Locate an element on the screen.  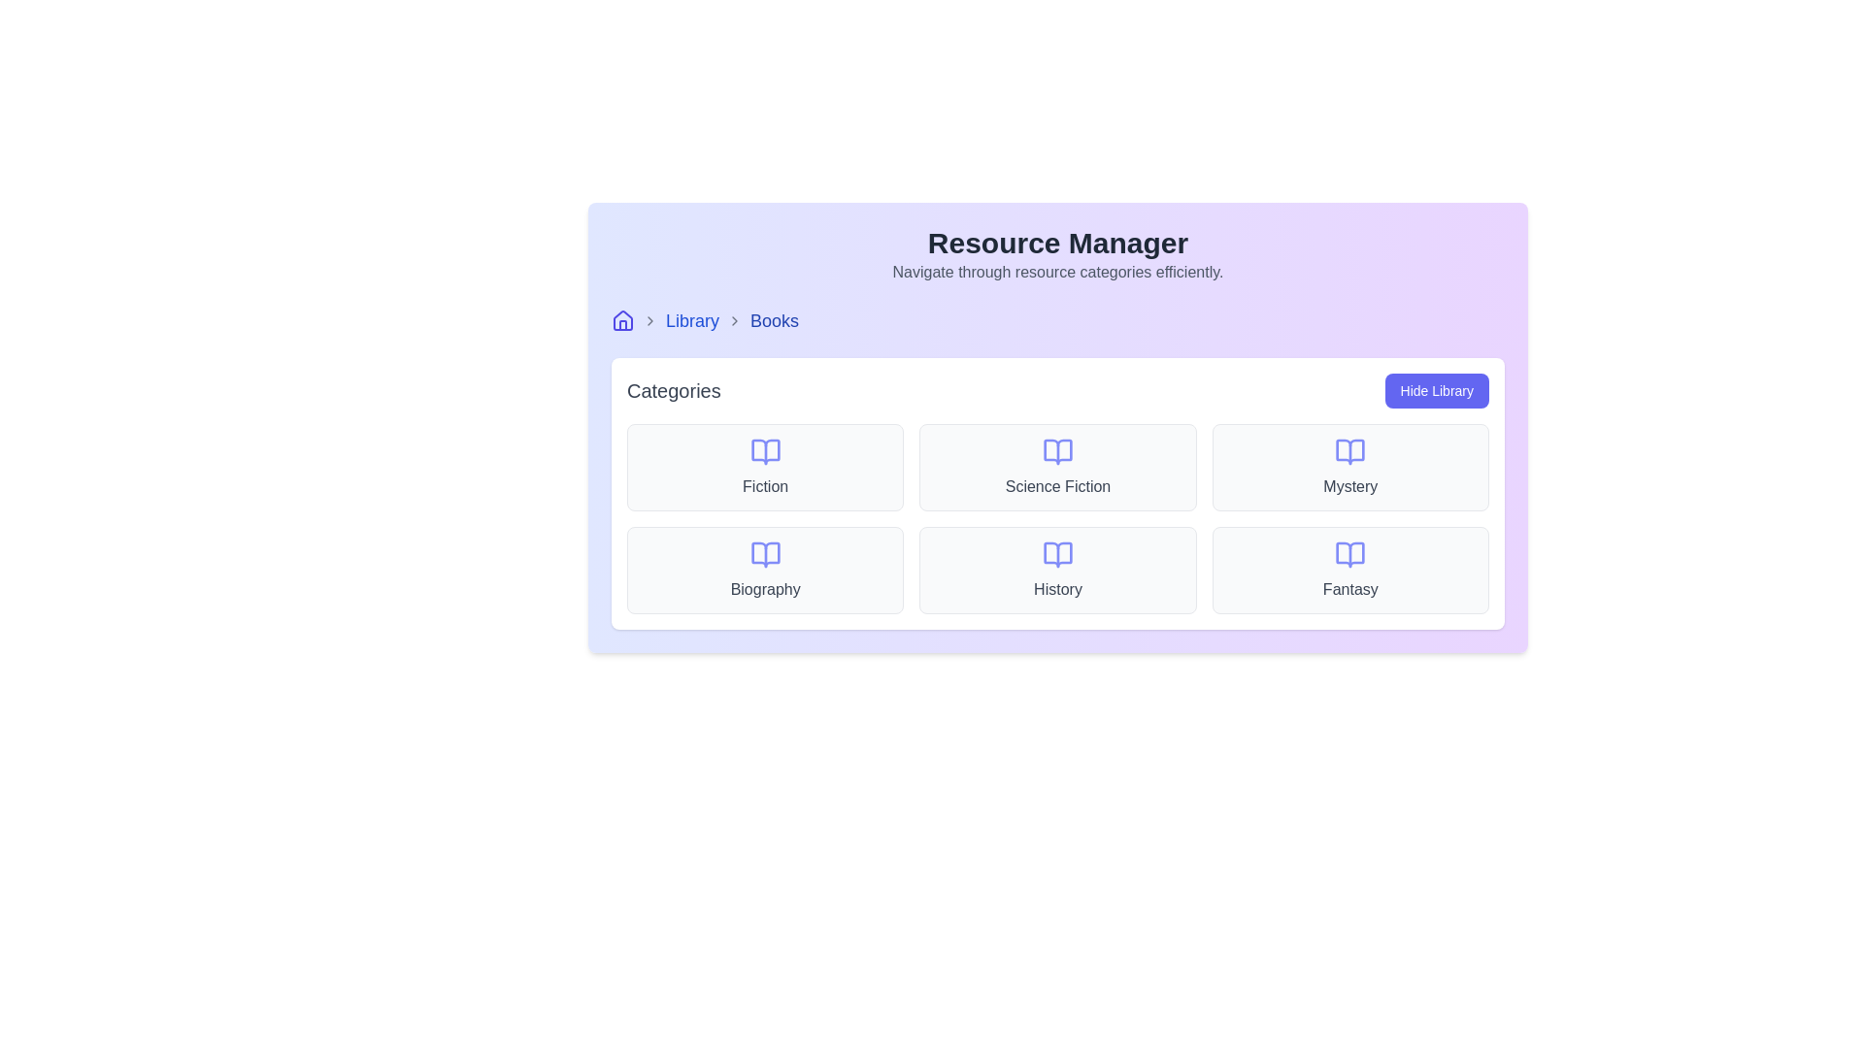
the 'Fantasy' category icon, which is centrally located above the label text 'Fantasy' in the bottom row of the categories grid is located at coordinates (1349, 554).